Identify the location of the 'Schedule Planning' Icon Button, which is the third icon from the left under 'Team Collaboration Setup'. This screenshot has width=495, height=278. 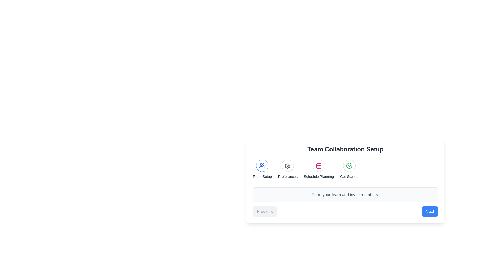
(318, 166).